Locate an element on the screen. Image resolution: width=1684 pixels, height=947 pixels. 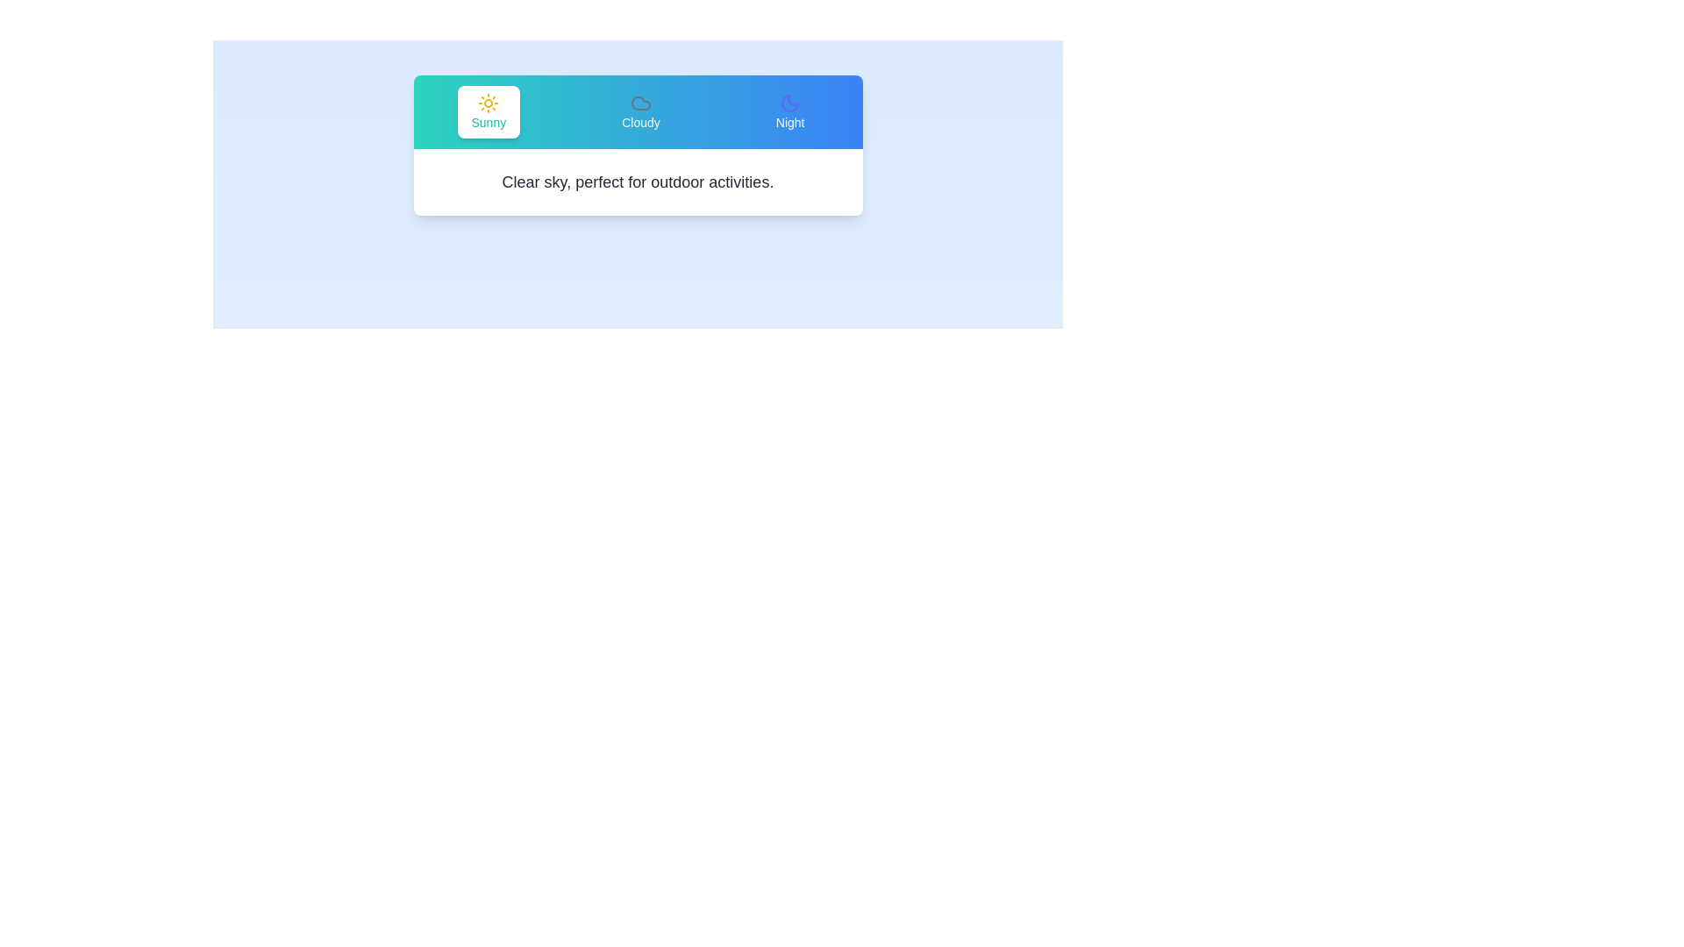
the Cloudy tab is located at coordinates (639, 111).